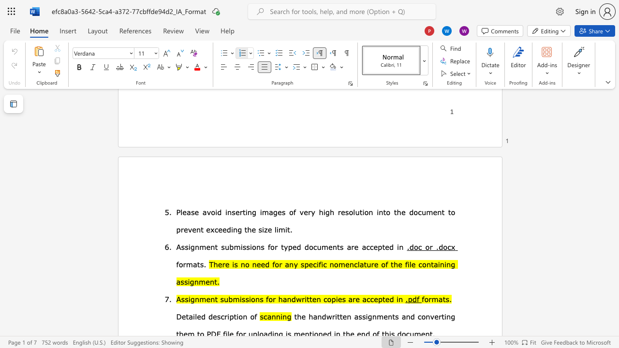 This screenshot has height=348, width=619. Describe the element at coordinates (240, 298) in the screenshot. I see `the 2th character "i" in the text` at that location.